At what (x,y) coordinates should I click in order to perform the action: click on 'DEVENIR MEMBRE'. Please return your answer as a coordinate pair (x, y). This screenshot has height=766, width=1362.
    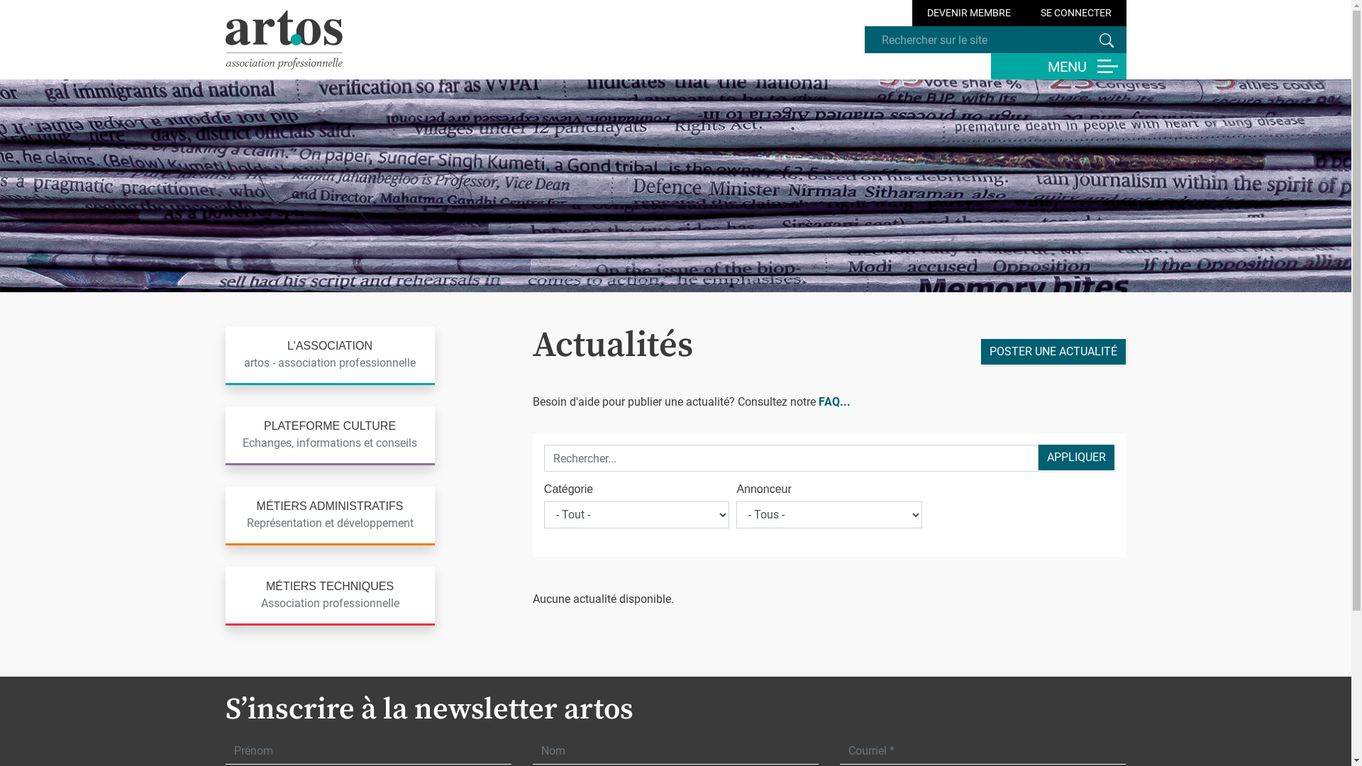
    Looking at the image, I should click on (912, 13).